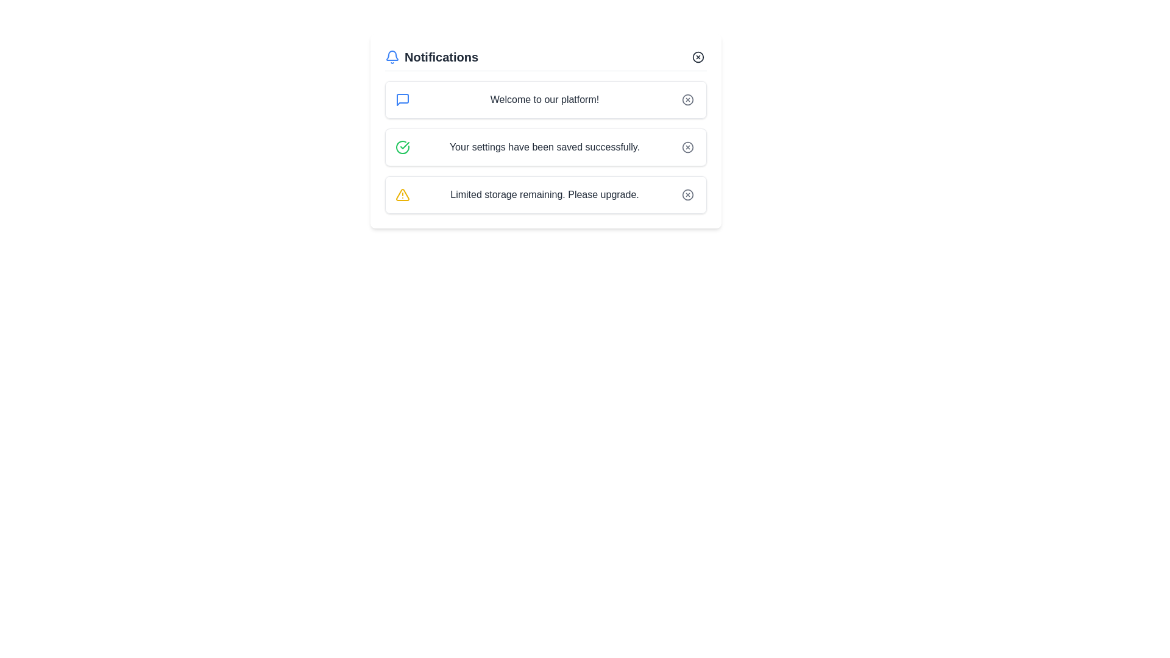 The height and width of the screenshot is (658, 1170). Describe the element at coordinates (545, 194) in the screenshot. I see `the Notification Card that notifies about storage limitations and encourages upgrading, which is the third item in the list of notifications` at that location.